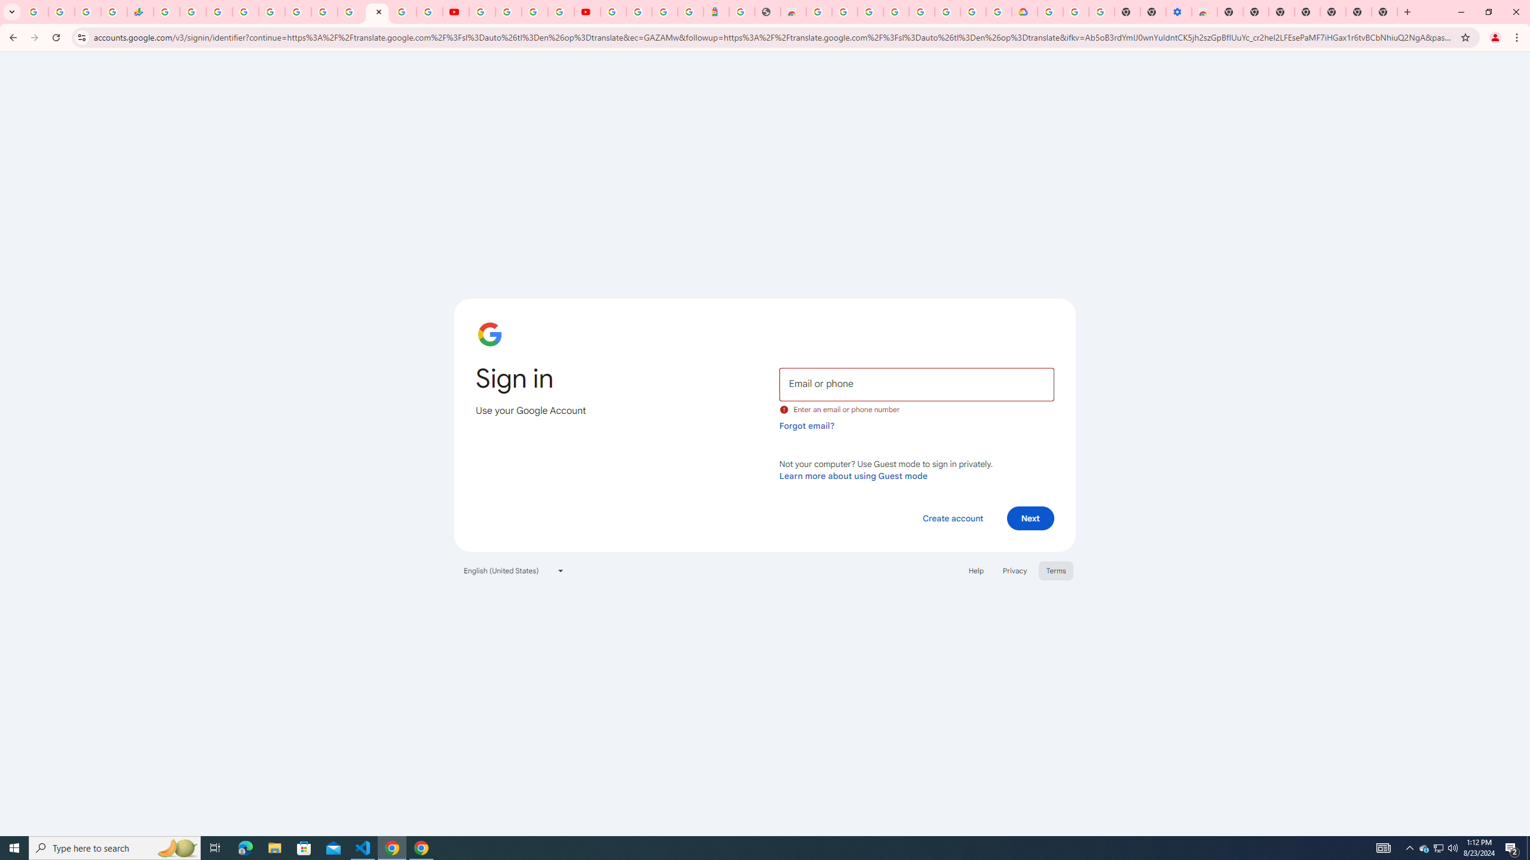 This screenshot has width=1530, height=860. What do you see at coordinates (1179, 11) in the screenshot?
I see `'Settings - Accessibility'` at bounding box center [1179, 11].